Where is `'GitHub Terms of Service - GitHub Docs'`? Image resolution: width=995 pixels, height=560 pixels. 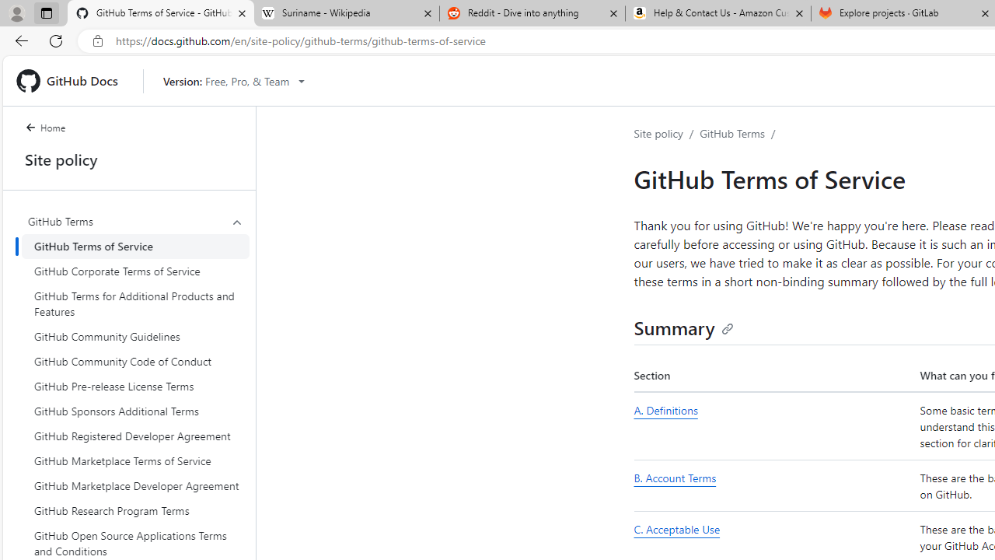
'GitHub Terms of Service - GitHub Docs' is located at coordinates (161, 13).